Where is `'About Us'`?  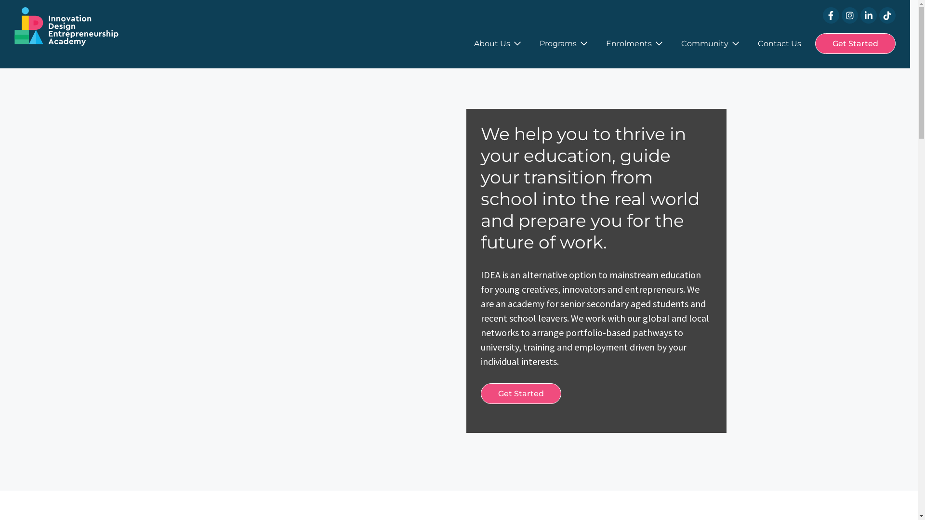
'About Us' is located at coordinates (474, 43).